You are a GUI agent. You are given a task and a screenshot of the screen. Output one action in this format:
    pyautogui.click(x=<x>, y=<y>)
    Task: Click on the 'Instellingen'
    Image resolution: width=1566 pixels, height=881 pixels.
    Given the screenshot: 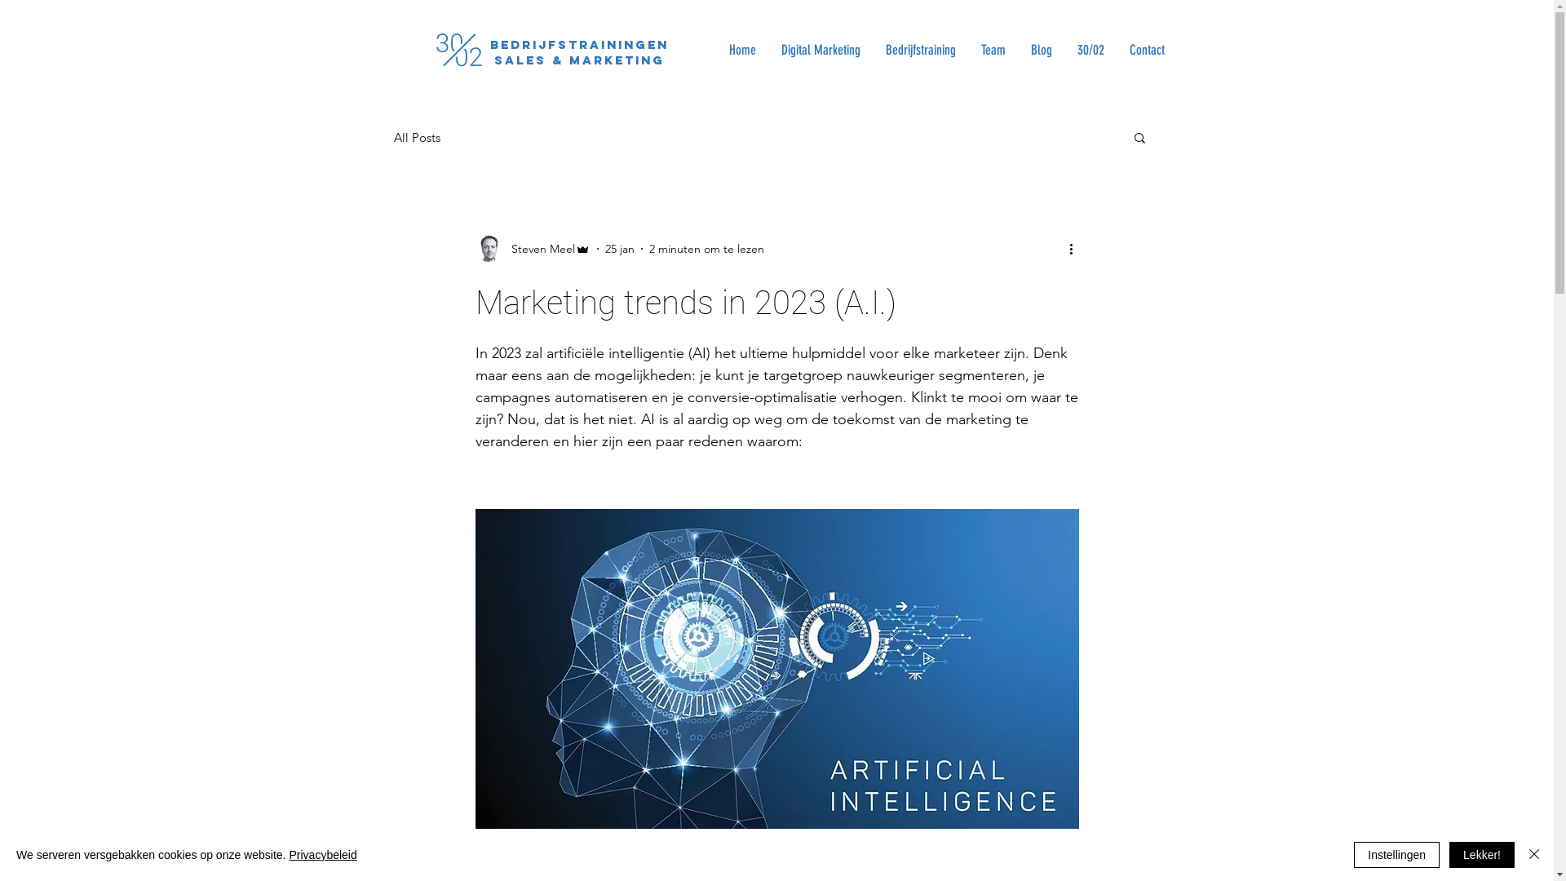 What is the action you would take?
    pyautogui.click(x=1396, y=854)
    